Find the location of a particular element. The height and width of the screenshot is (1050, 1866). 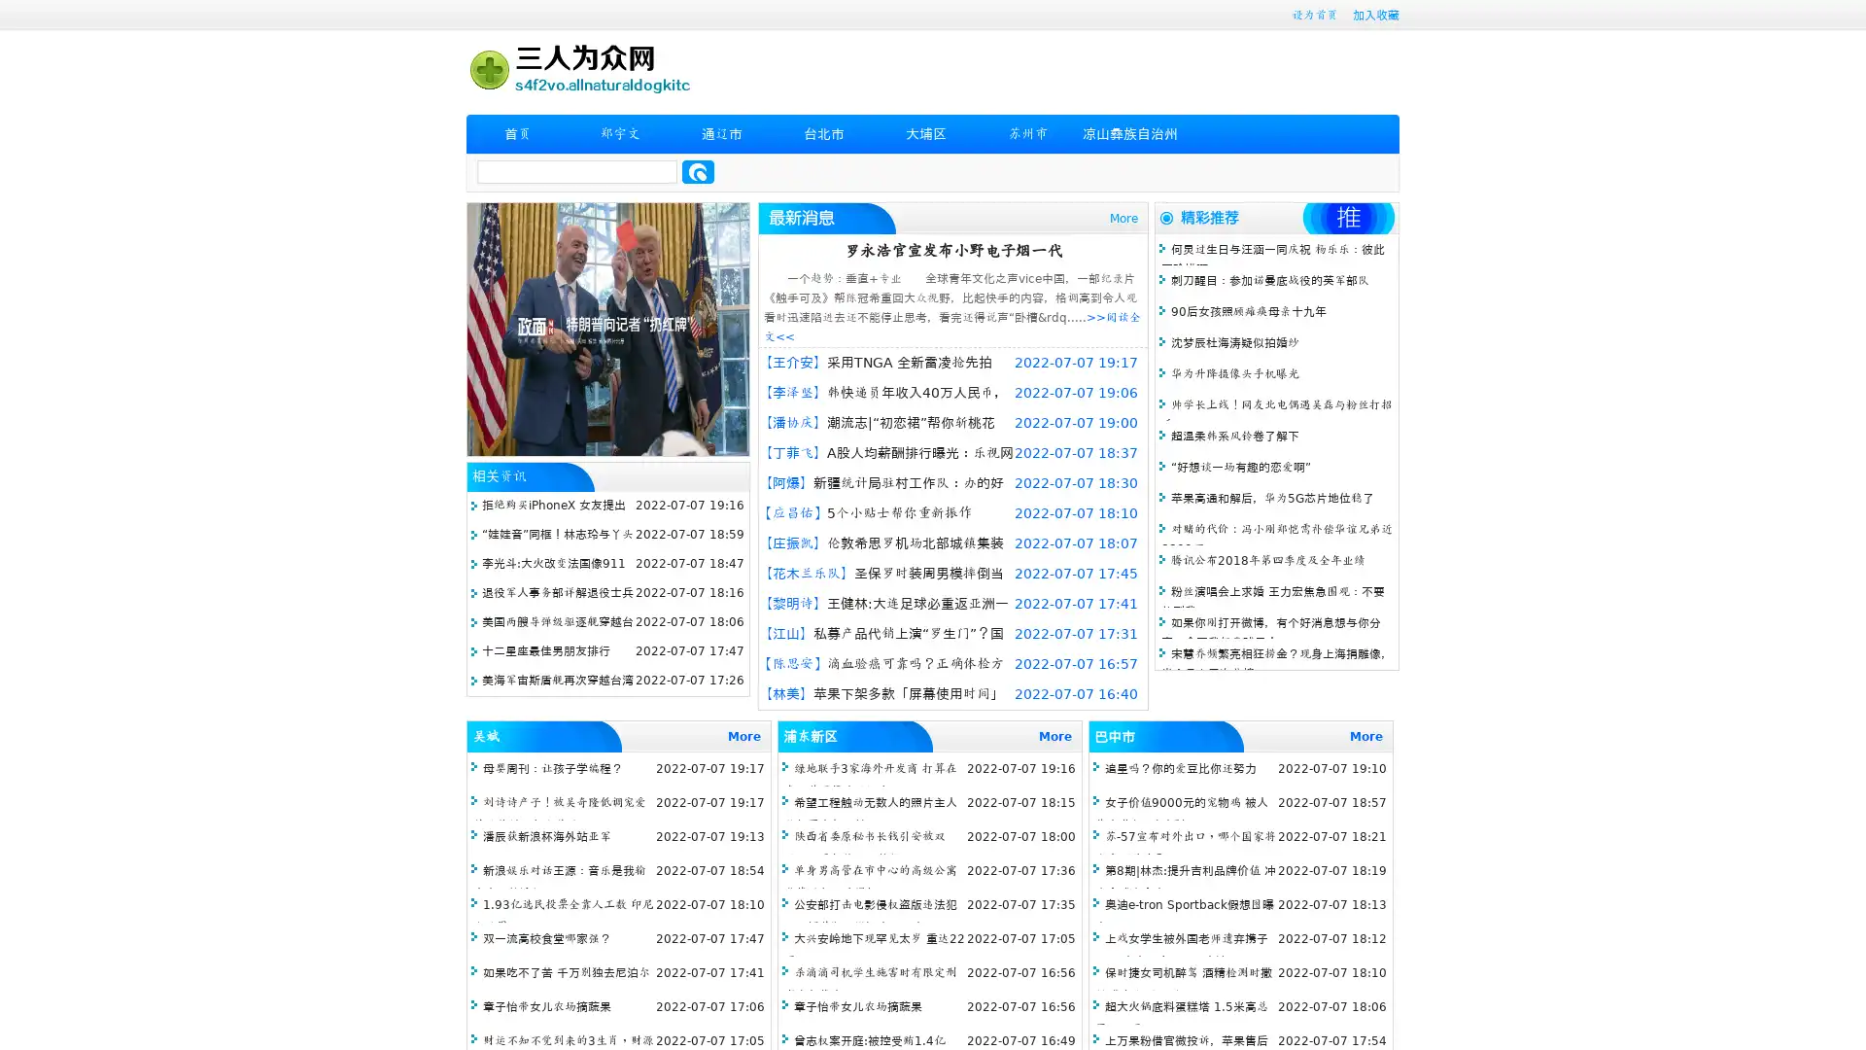

Search is located at coordinates (698, 171).